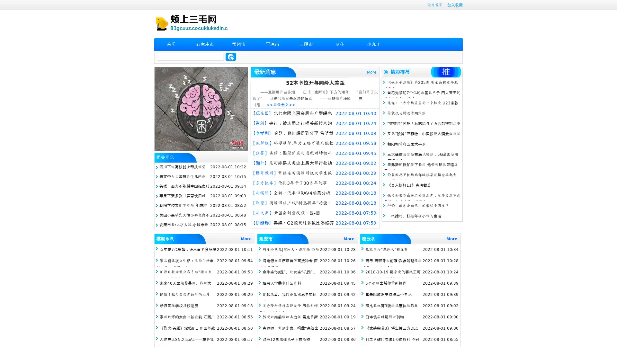 The width and height of the screenshot is (617, 347). What do you see at coordinates (231, 57) in the screenshot?
I see `Search` at bounding box center [231, 57].